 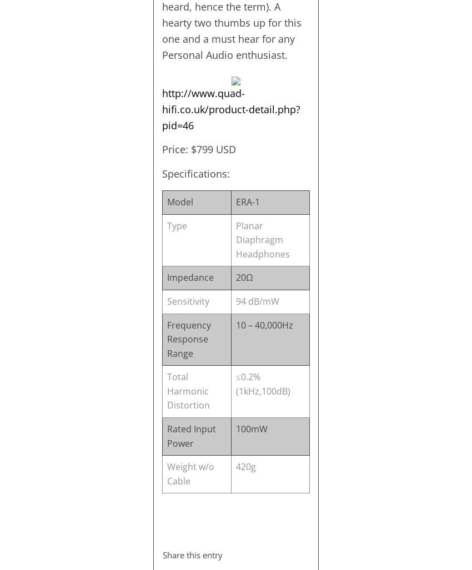 What do you see at coordinates (250, 428) in the screenshot?
I see `'100mW'` at bounding box center [250, 428].